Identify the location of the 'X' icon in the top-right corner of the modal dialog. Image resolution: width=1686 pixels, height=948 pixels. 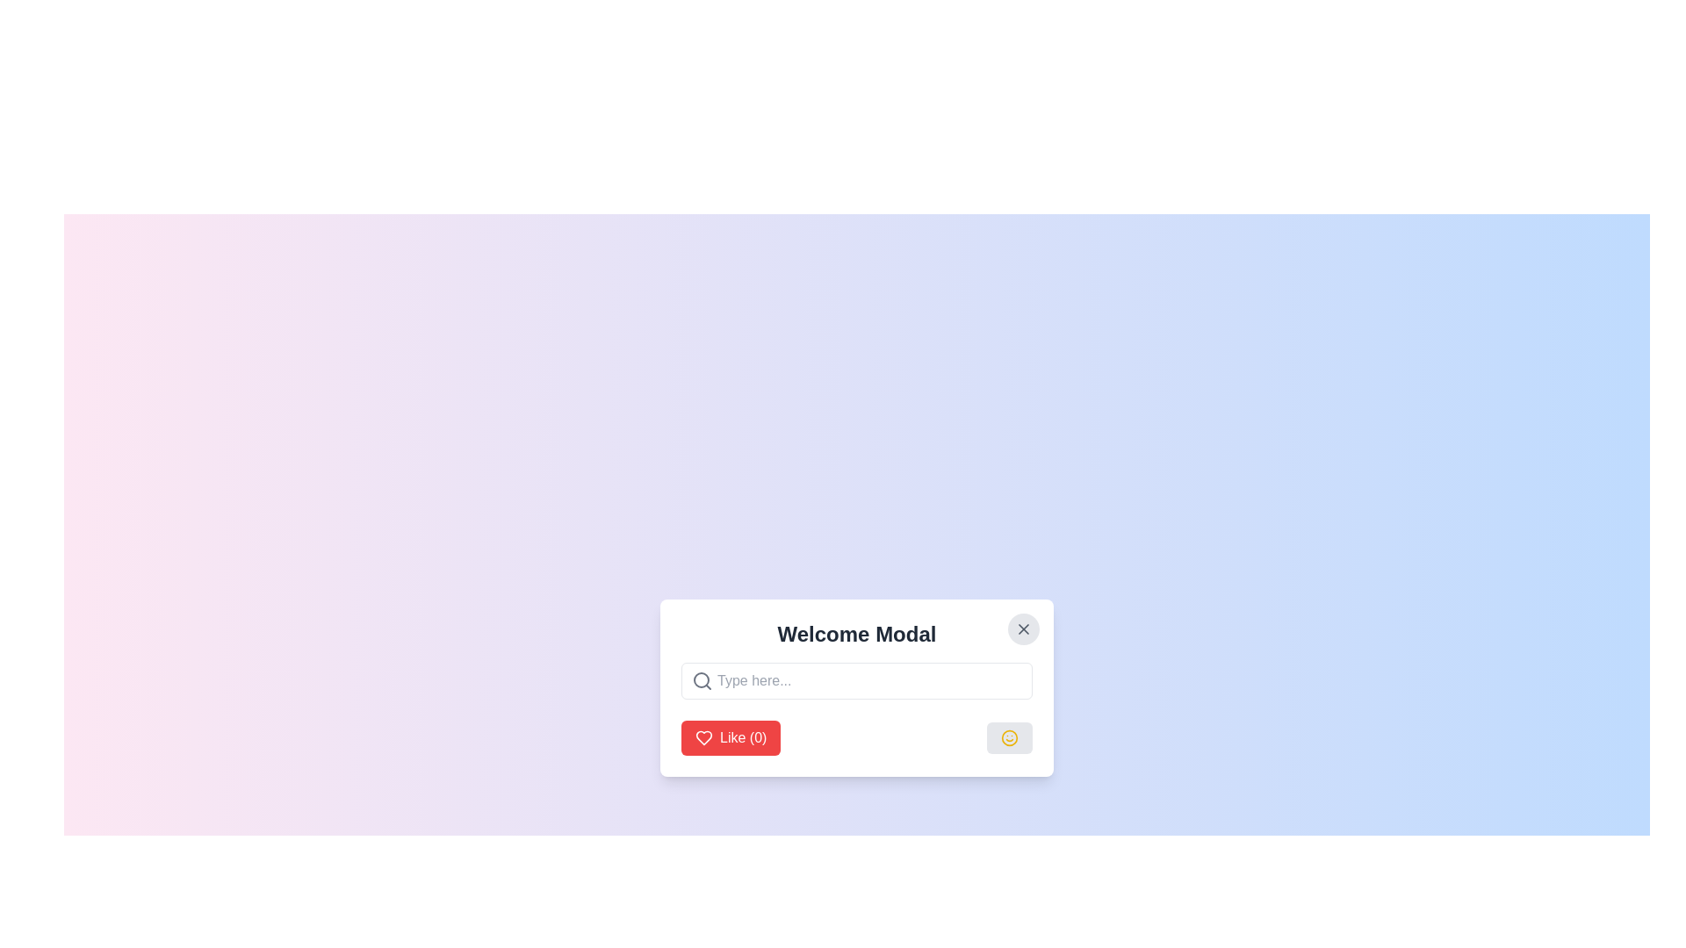
(1024, 628).